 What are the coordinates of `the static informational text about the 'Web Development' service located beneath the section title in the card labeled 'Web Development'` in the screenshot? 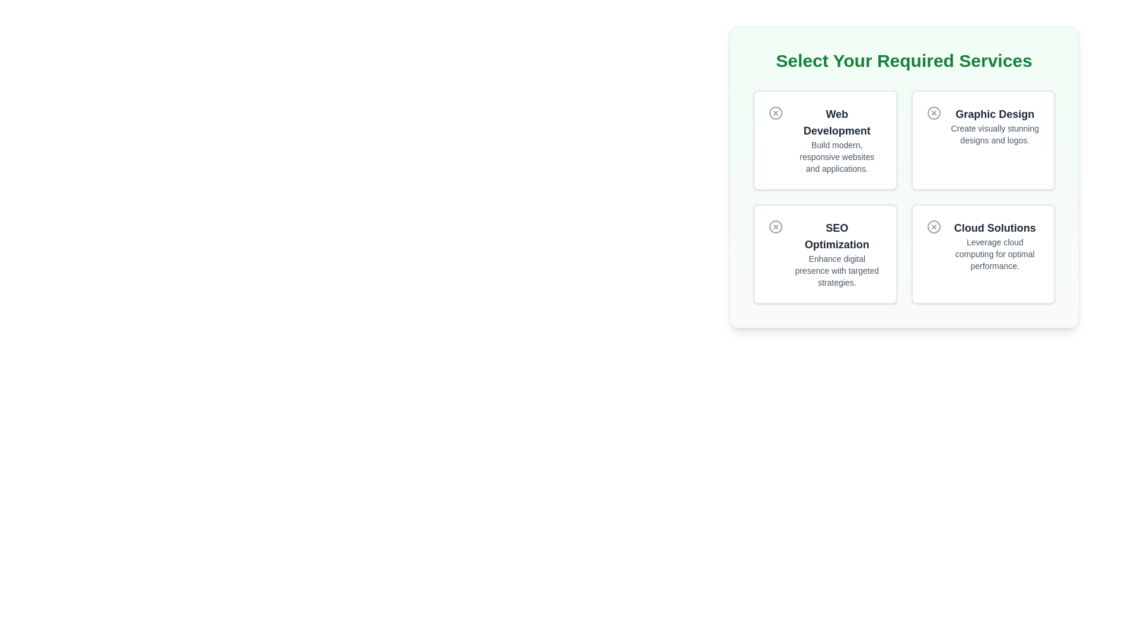 It's located at (836, 156).